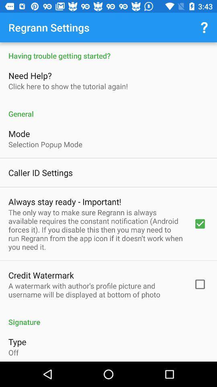  Describe the element at coordinates (108, 109) in the screenshot. I see `the icon above the mode icon` at that location.